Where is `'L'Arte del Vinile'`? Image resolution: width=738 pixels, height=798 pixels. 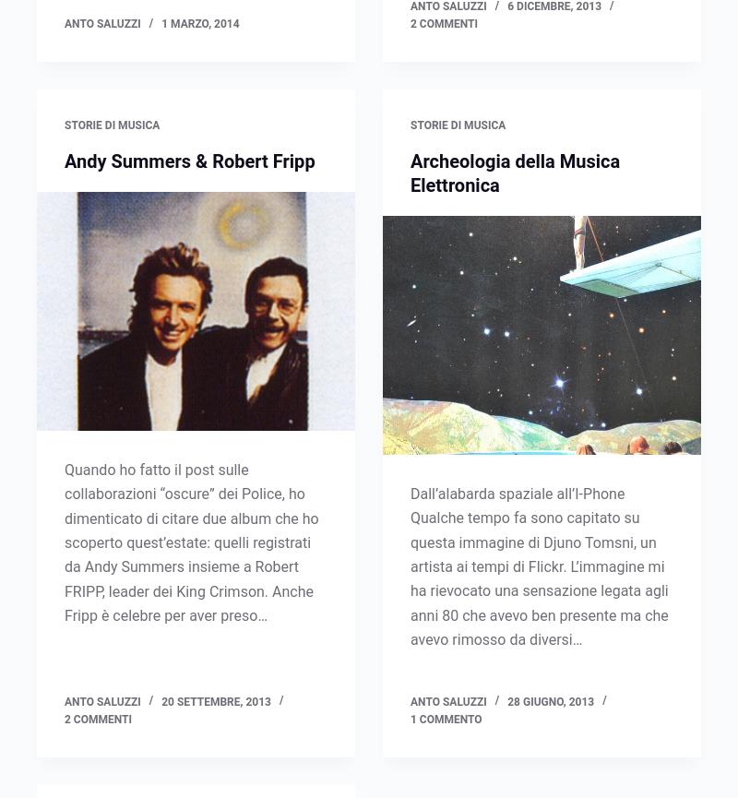 'L'Arte del Vinile' is located at coordinates (85, 474).